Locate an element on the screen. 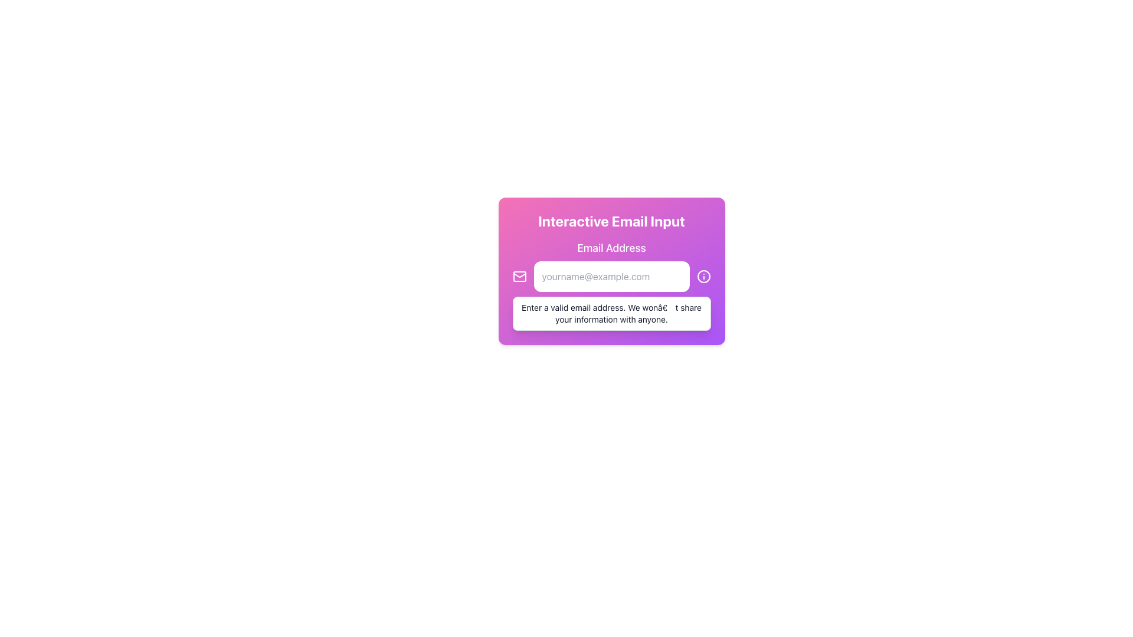 This screenshot has width=1133, height=637. the help text area within the email input panel that provides additional information and context for users is located at coordinates (611, 271).